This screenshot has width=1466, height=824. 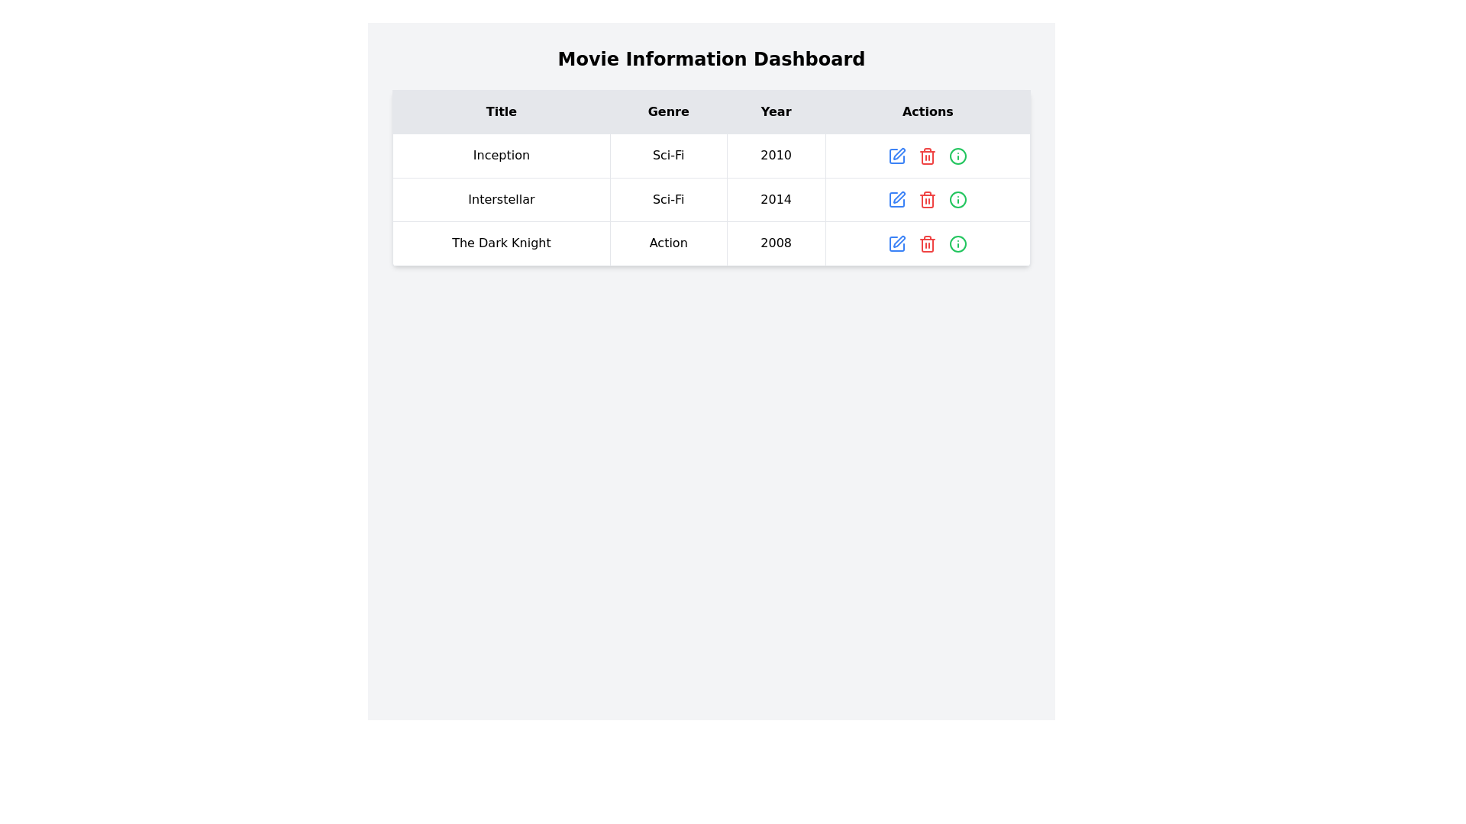 I want to click on the static text label indicating the genre of the movie in the third row of the table, which is located under the column labeled 'Genre' and follows 'The Dark Knight.', so click(x=668, y=243).